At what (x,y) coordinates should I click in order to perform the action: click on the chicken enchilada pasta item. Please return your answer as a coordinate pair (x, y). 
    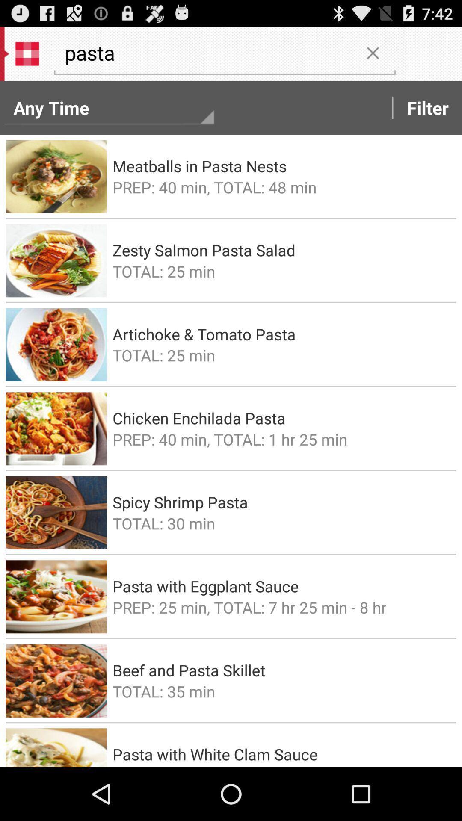
    Looking at the image, I should click on (281, 418).